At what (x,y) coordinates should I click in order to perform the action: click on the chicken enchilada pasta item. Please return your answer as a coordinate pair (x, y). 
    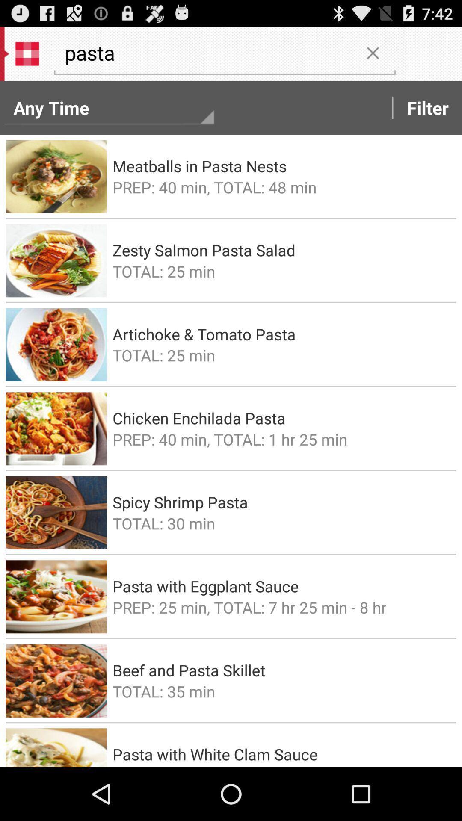
    Looking at the image, I should click on (281, 418).